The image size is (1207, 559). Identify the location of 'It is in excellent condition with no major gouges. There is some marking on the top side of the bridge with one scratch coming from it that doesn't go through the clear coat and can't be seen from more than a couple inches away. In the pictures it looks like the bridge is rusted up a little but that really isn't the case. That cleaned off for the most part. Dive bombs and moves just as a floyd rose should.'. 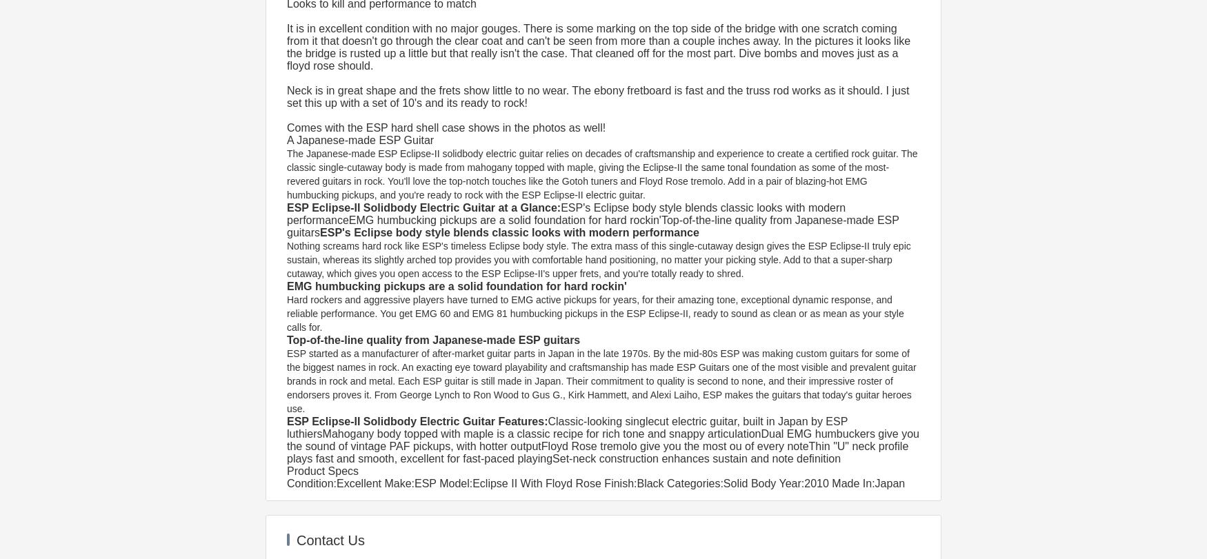
(599, 47).